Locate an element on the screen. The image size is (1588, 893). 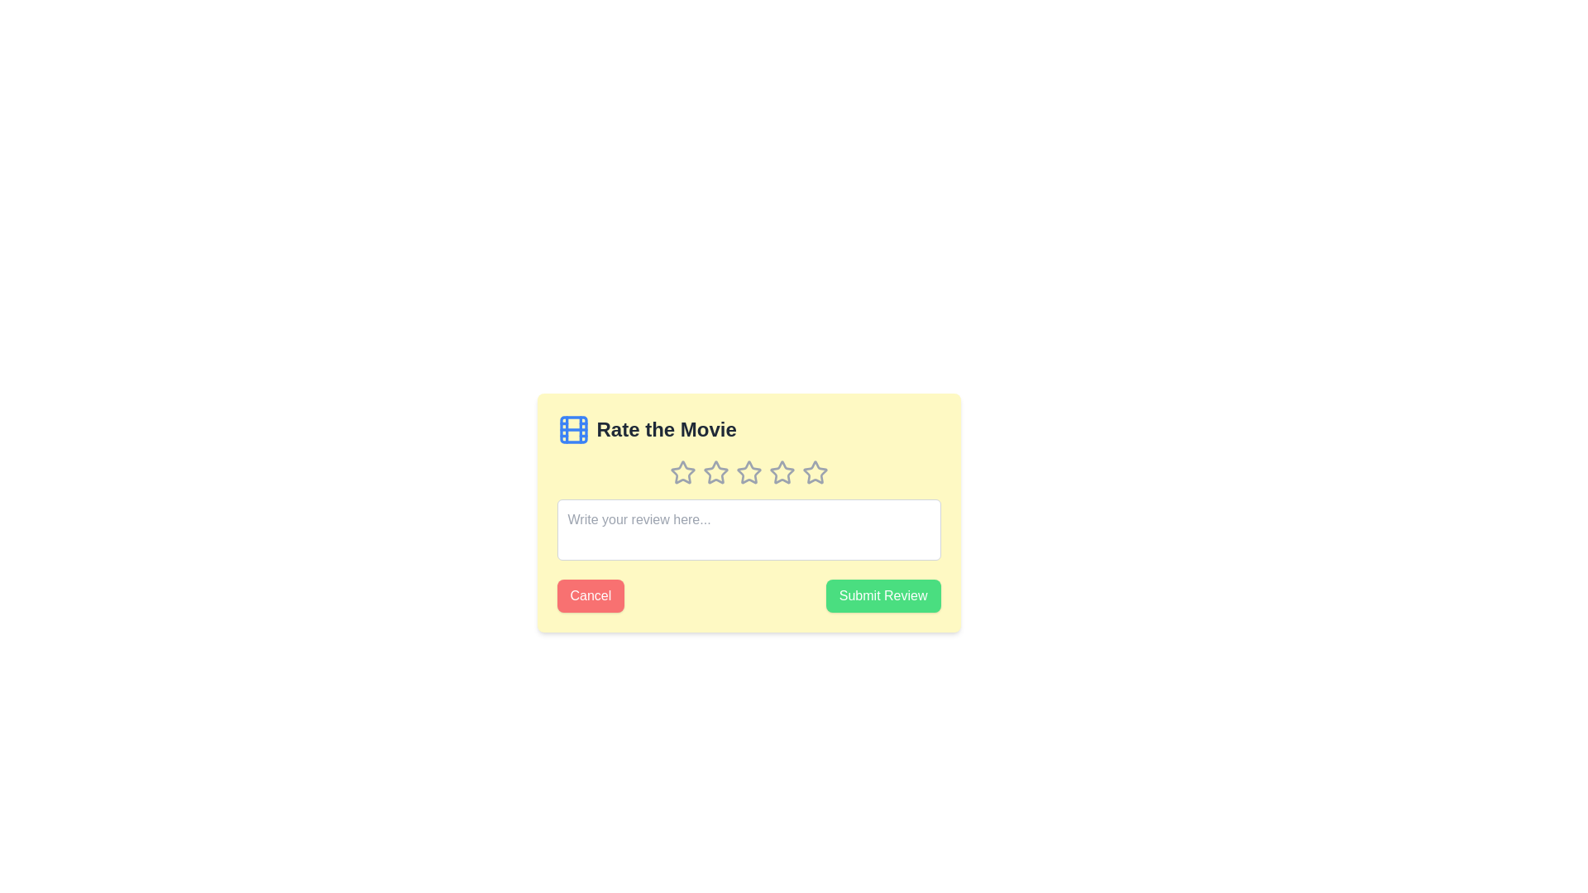
the second star icon in the rating system is located at coordinates (715, 472).